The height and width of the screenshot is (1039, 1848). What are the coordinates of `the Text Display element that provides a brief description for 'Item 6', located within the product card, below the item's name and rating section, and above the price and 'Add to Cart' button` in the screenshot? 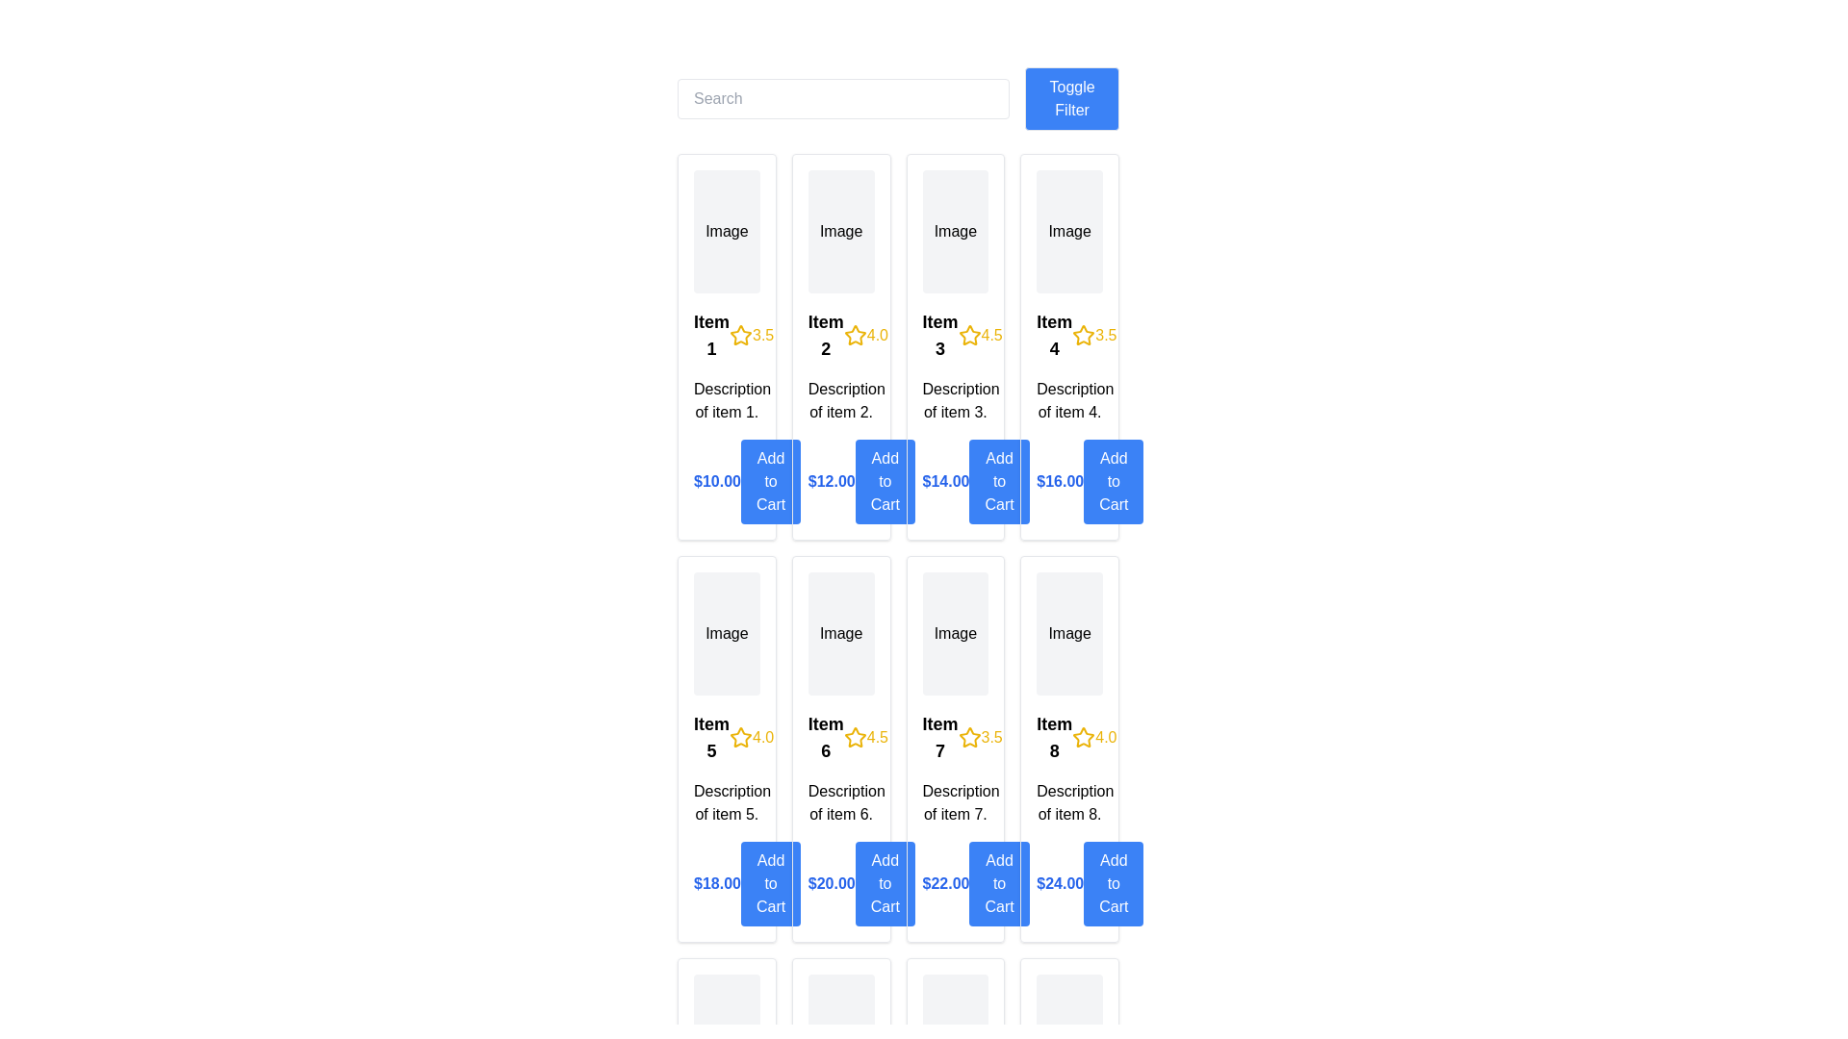 It's located at (841, 802).